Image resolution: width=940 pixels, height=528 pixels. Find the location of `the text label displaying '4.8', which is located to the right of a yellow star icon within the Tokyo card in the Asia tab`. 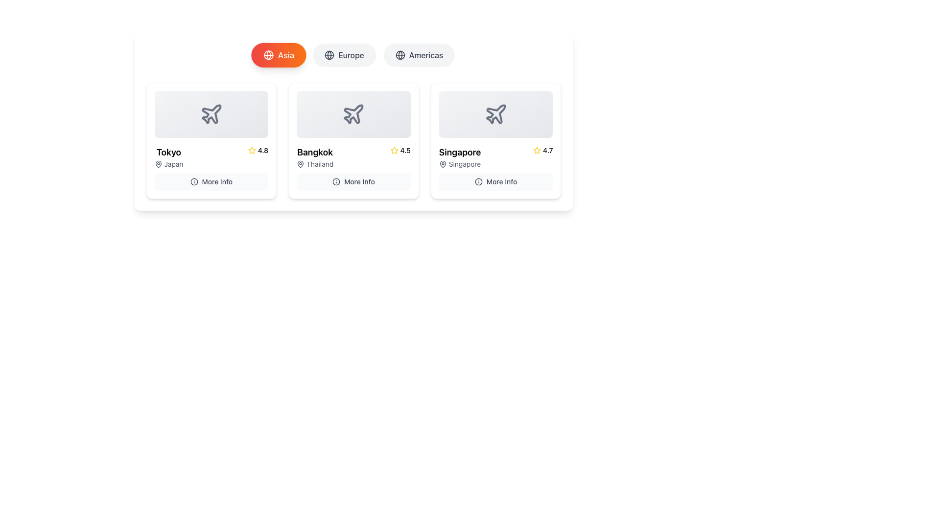

the text label displaying '4.8', which is located to the right of a yellow star icon within the Tokyo card in the Asia tab is located at coordinates (263, 151).